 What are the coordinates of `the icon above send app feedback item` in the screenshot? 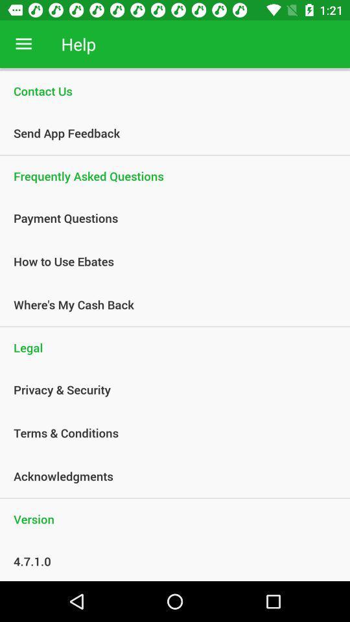 It's located at (175, 90).